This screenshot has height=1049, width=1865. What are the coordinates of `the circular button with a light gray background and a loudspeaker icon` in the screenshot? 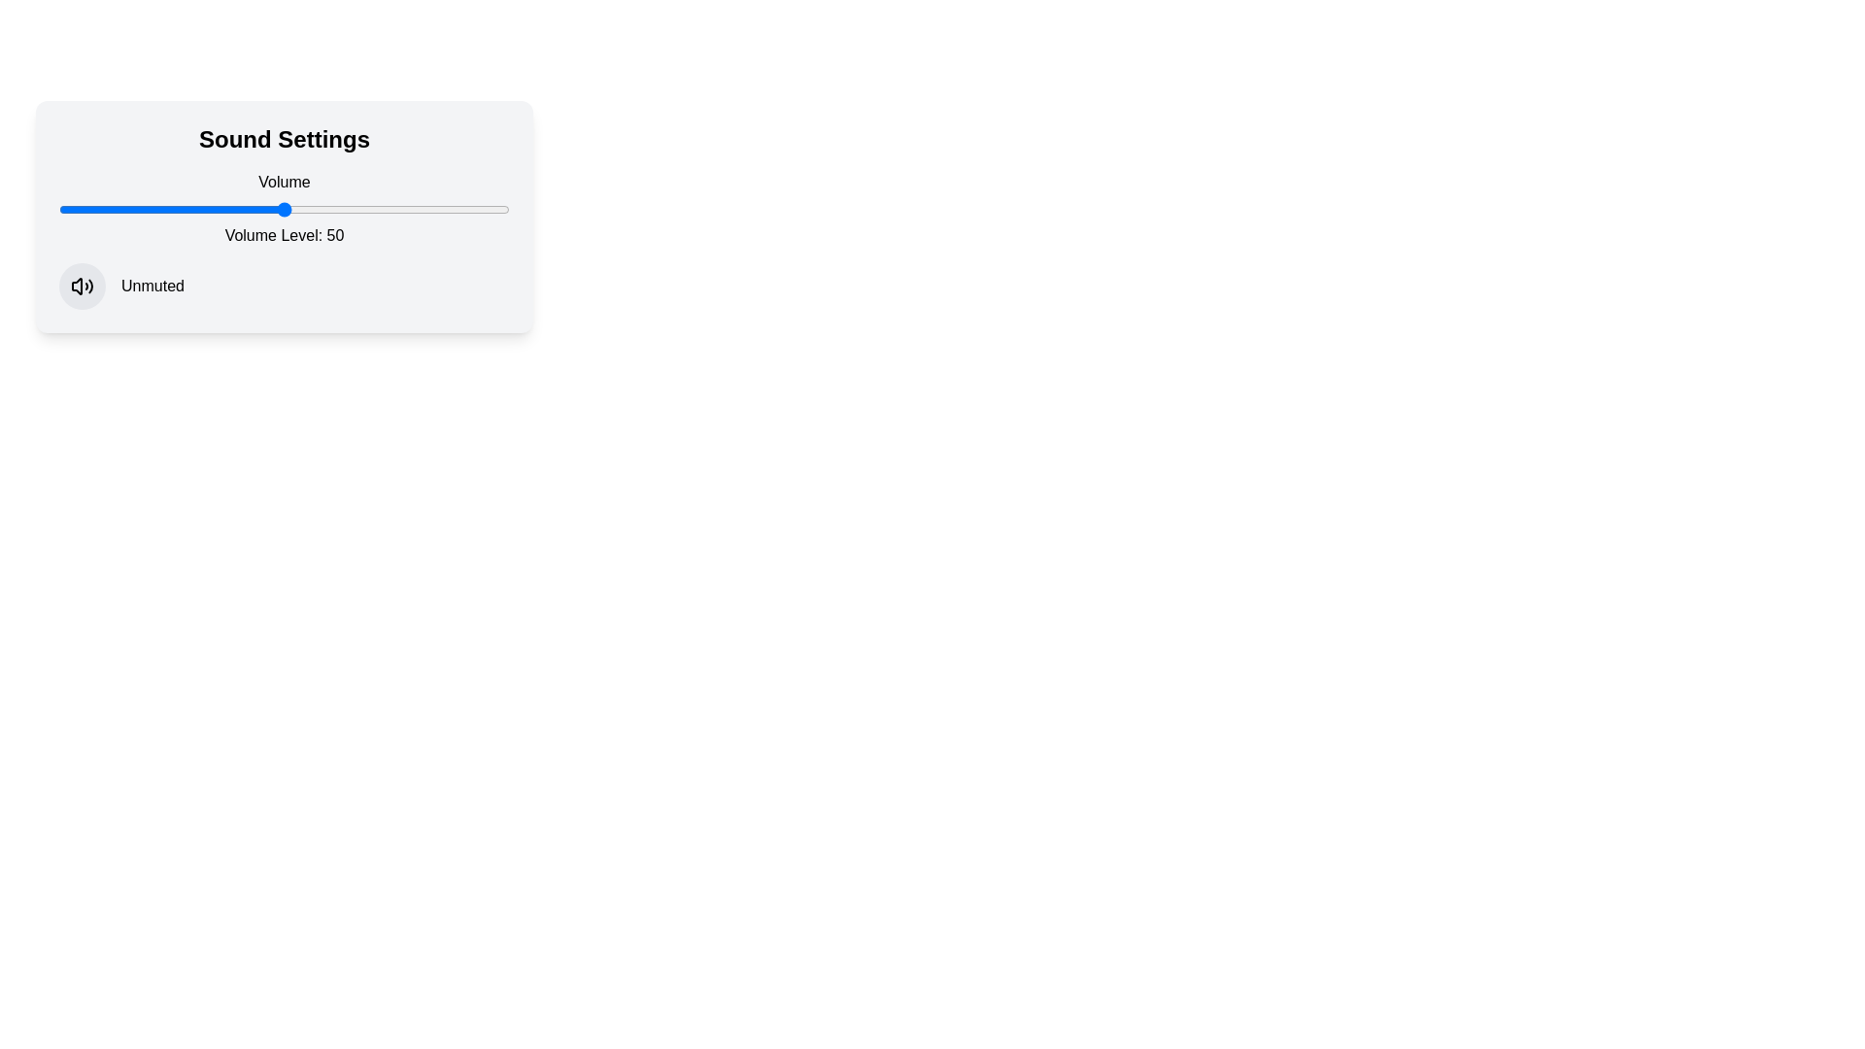 It's located at (82, 286).